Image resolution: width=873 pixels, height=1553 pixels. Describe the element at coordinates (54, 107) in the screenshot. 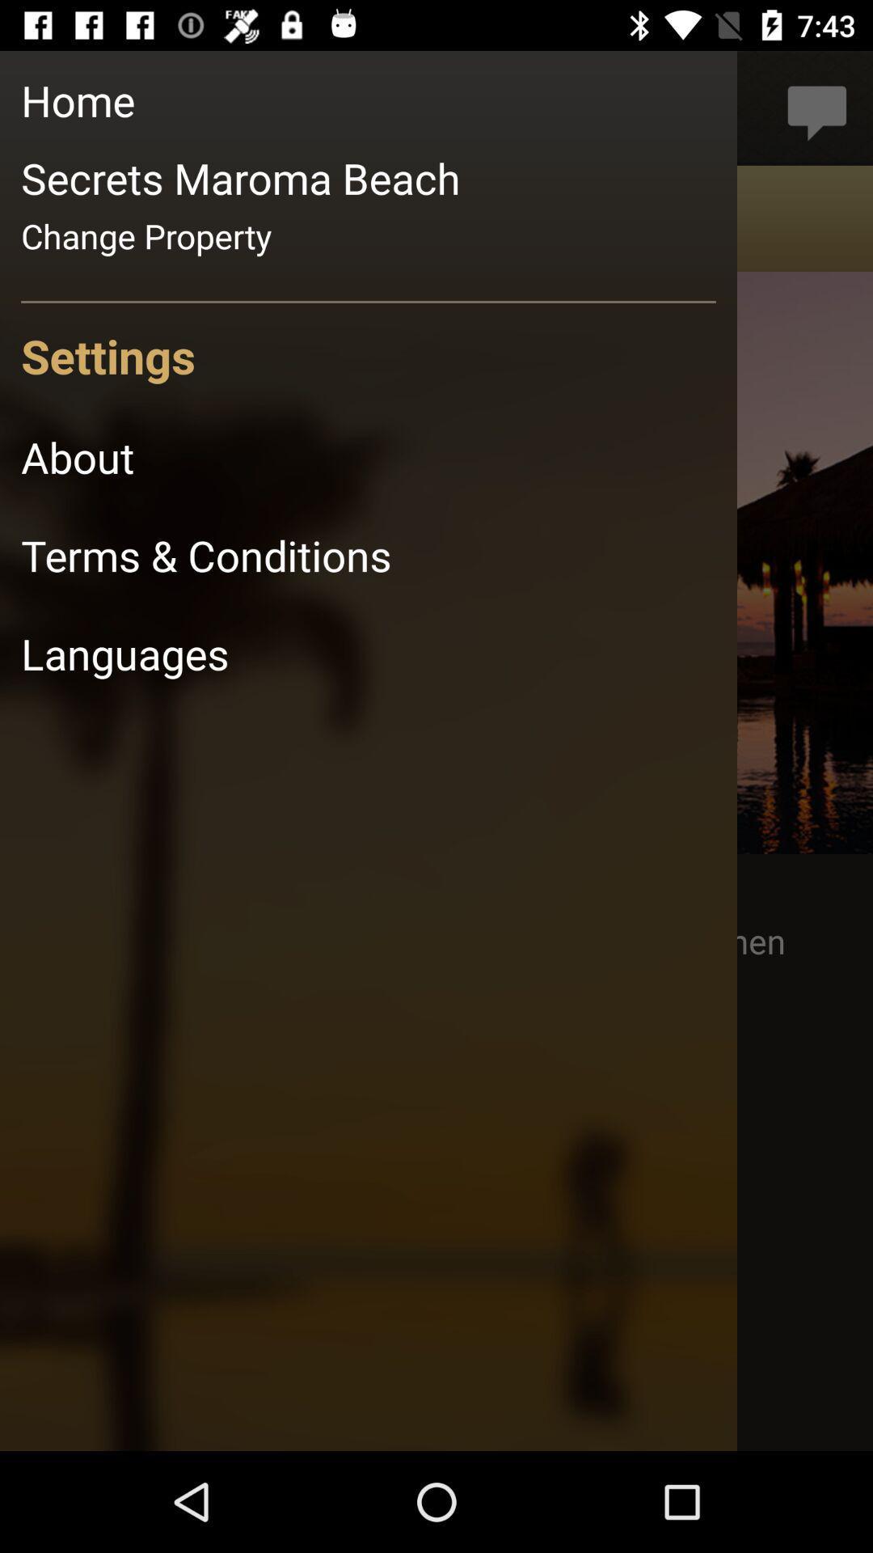

I see `the photo icon` at that location.